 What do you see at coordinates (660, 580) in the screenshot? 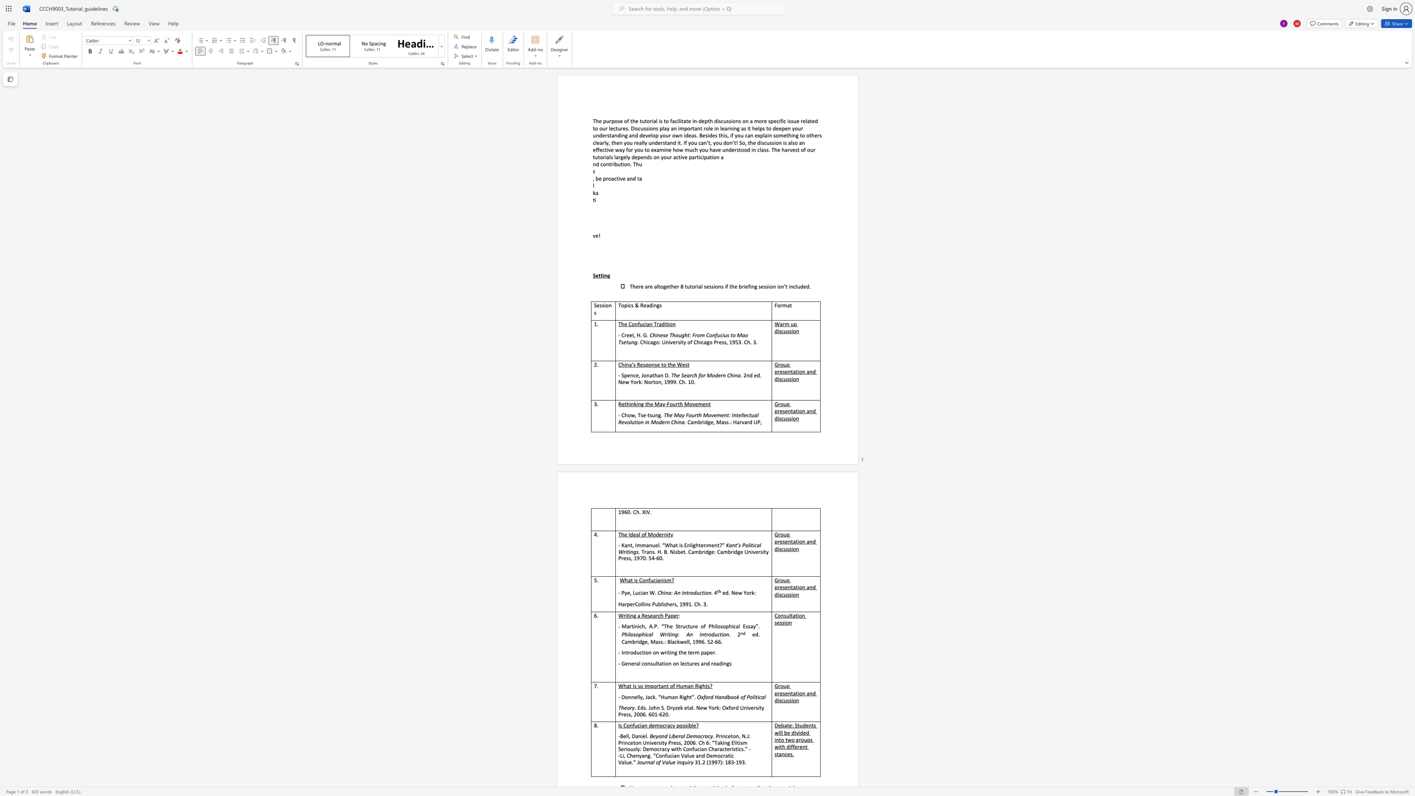
I see `the subset text "nism?" within the text "What is Confucianism?"` at bounding box center [660, 580].